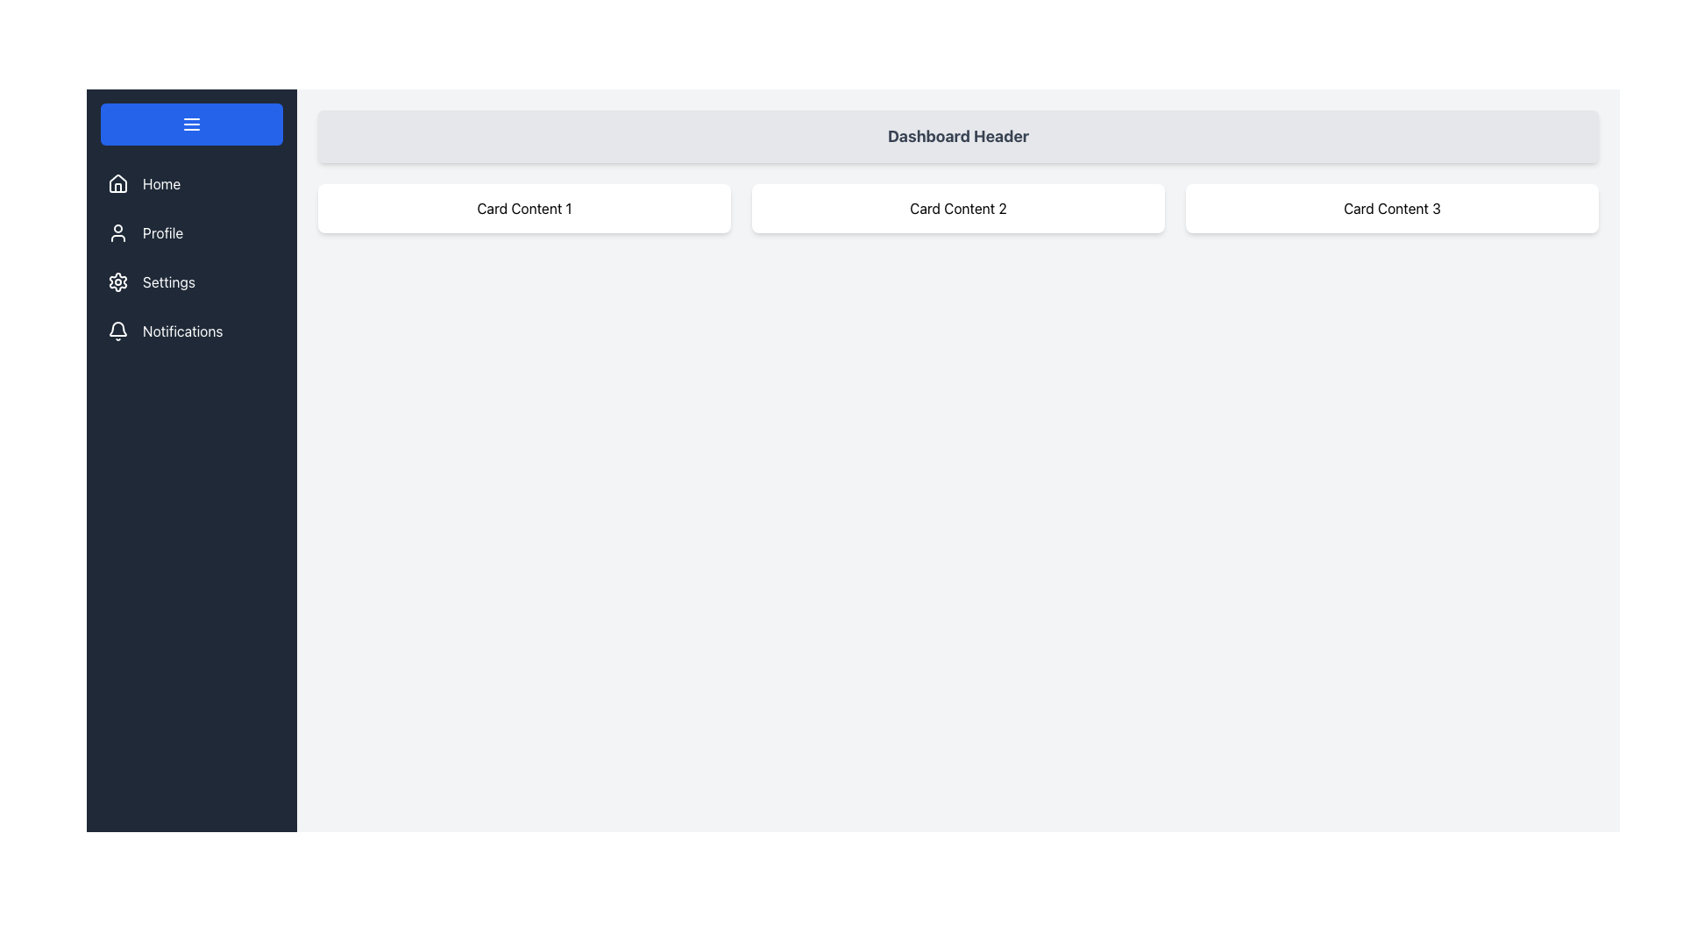 The width and height of the screenshot is (1683, 947). What do you see at coordinates (117, 281) in the screenshot?
I see `the small gear-shaped icon with a white outline in the vertical left navigation menu adjacent to the text 'Settings'` at bounding box center [117, 281].